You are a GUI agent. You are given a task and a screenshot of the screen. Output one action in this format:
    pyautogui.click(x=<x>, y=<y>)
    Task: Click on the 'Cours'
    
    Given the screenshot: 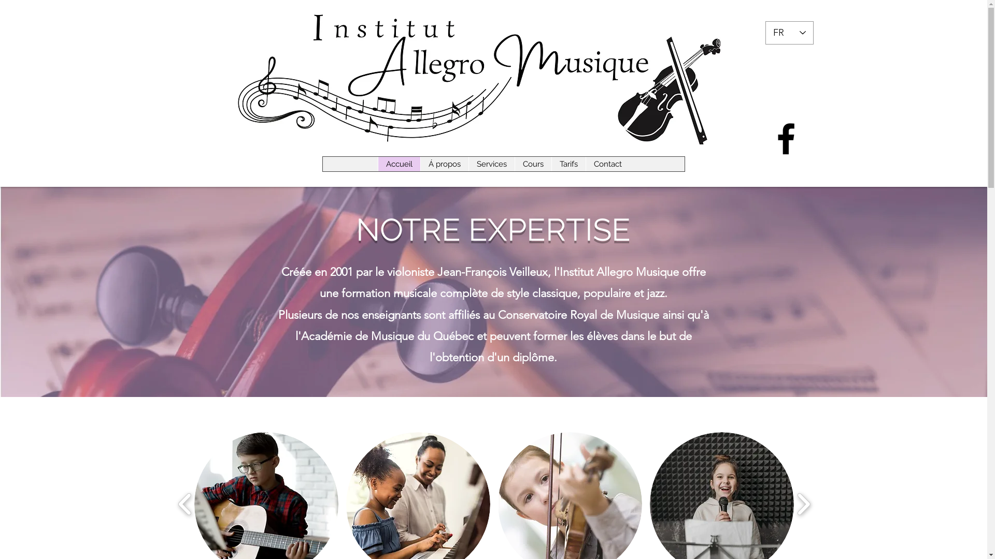 What is the action you would take?
    pyautogui.click(x=532, y=163)
    